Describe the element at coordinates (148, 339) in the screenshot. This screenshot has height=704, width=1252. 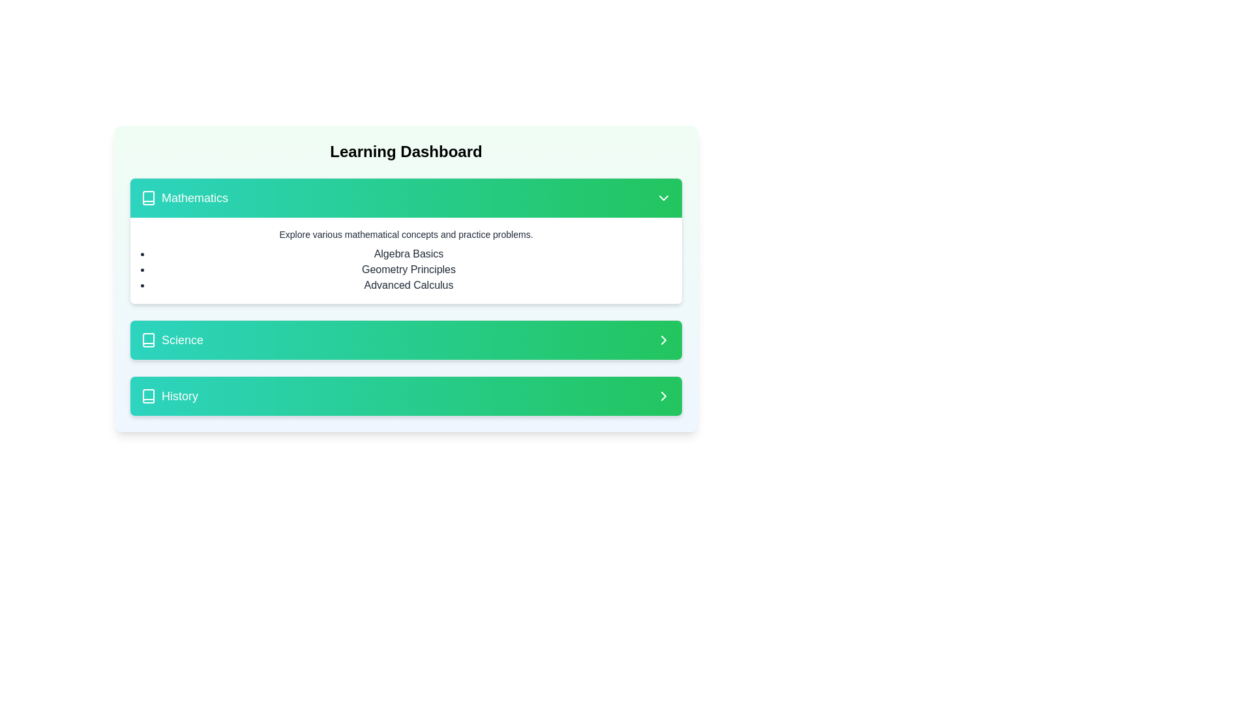
I see `the SVG icon with a book-like design in the 'Science' section, located to the left of the text 'Science'` at that location.